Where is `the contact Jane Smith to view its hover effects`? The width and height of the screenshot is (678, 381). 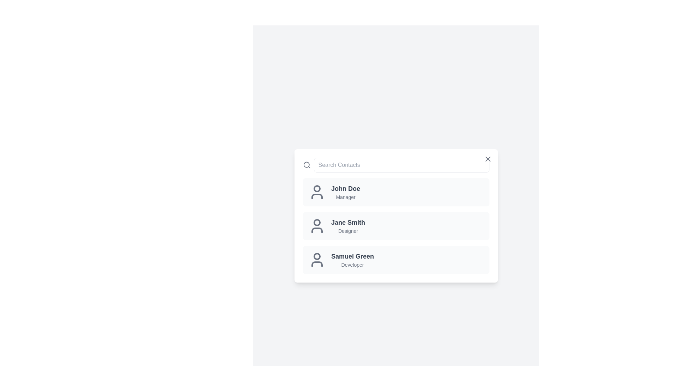 the contact Jane Smith to view its hover effects is located at coordinates (396, 226).